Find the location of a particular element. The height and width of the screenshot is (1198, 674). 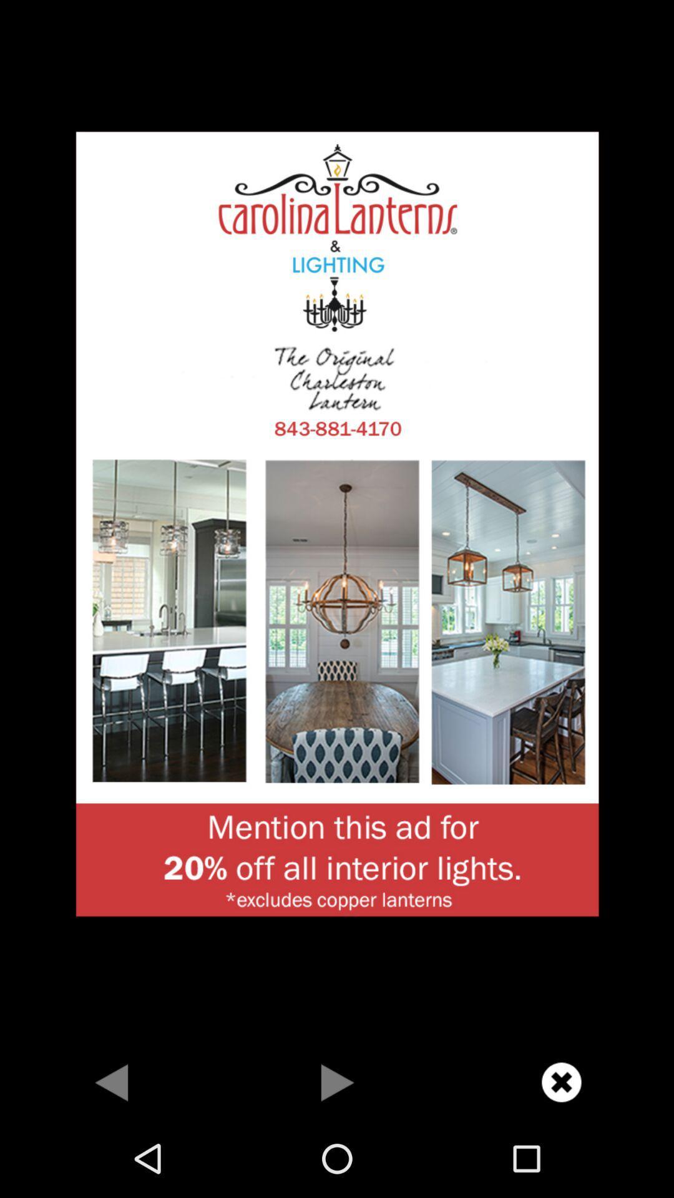

advertisement is located at coordinates (560, 1081).